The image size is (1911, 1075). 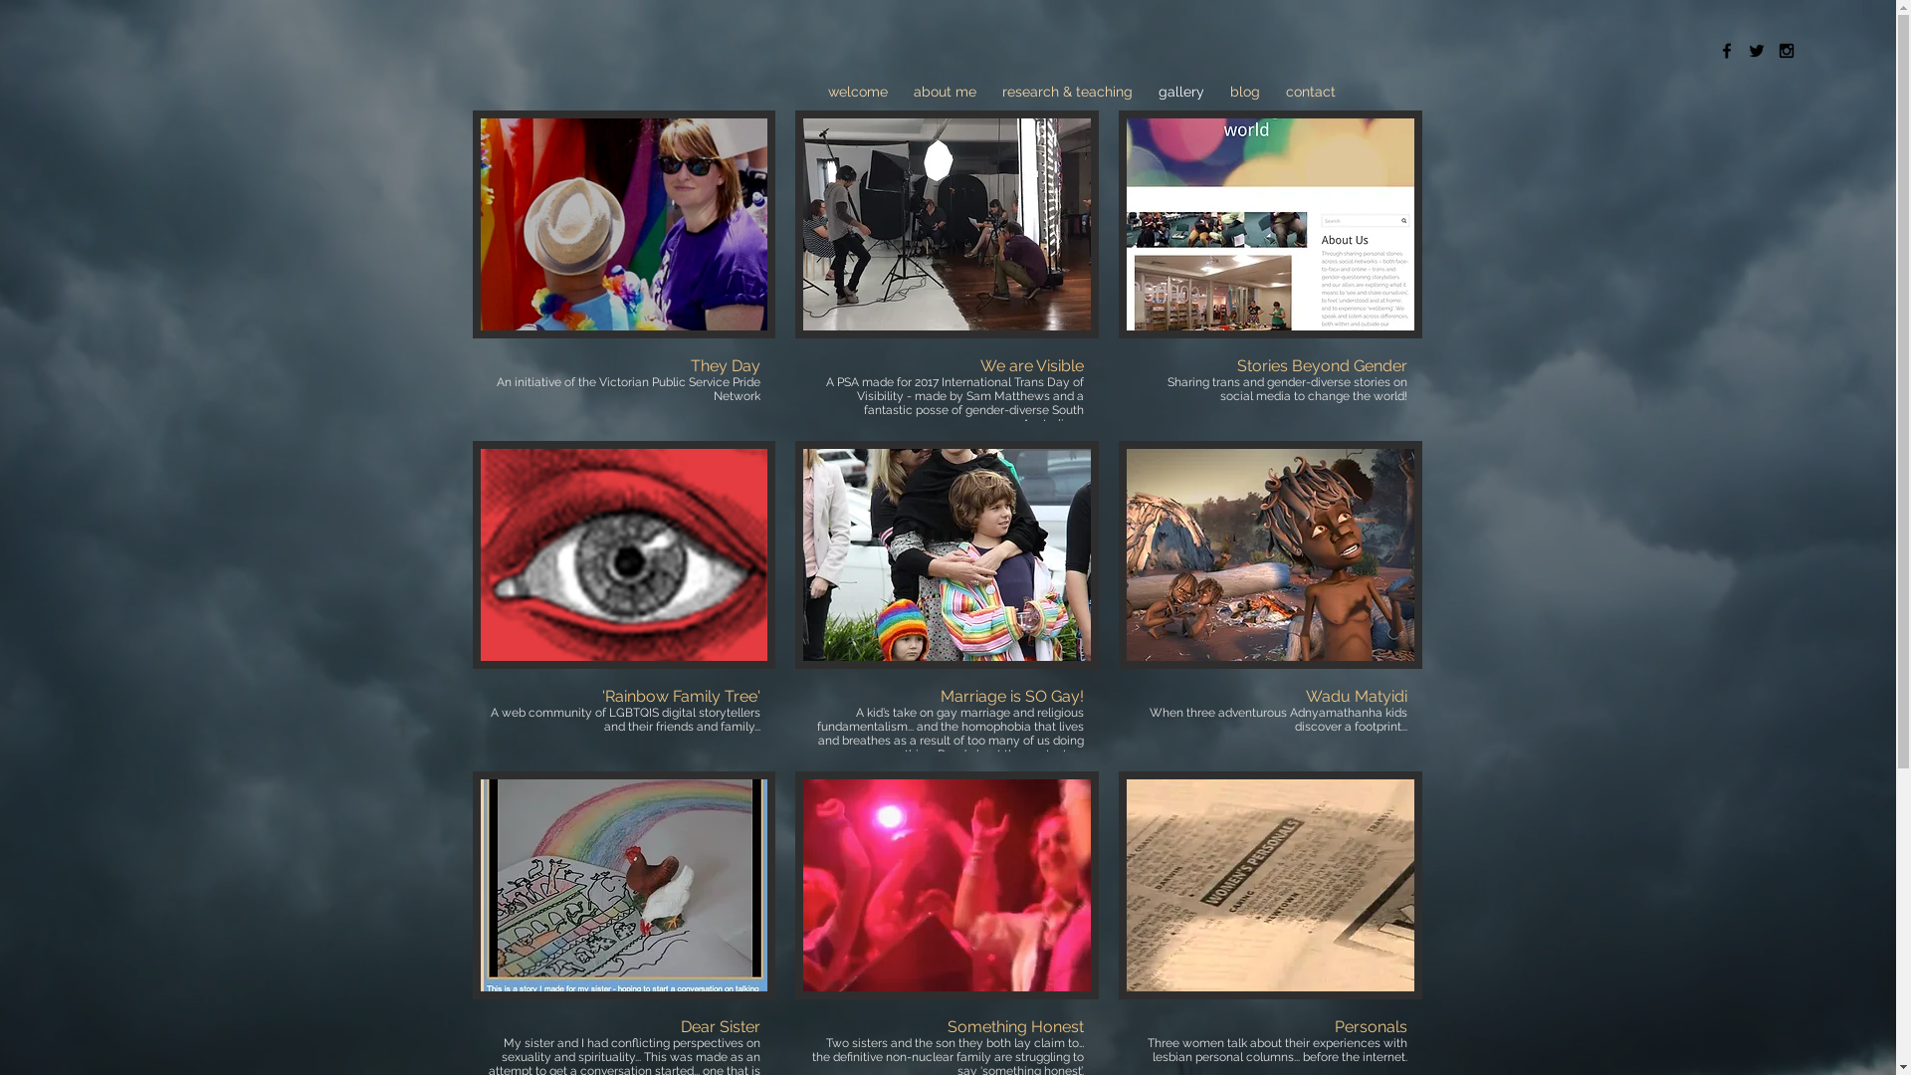 What do you see at coordinates (1270, 92) in the screenshot?
I see `'contact'` at bounding box center [1270, 92].